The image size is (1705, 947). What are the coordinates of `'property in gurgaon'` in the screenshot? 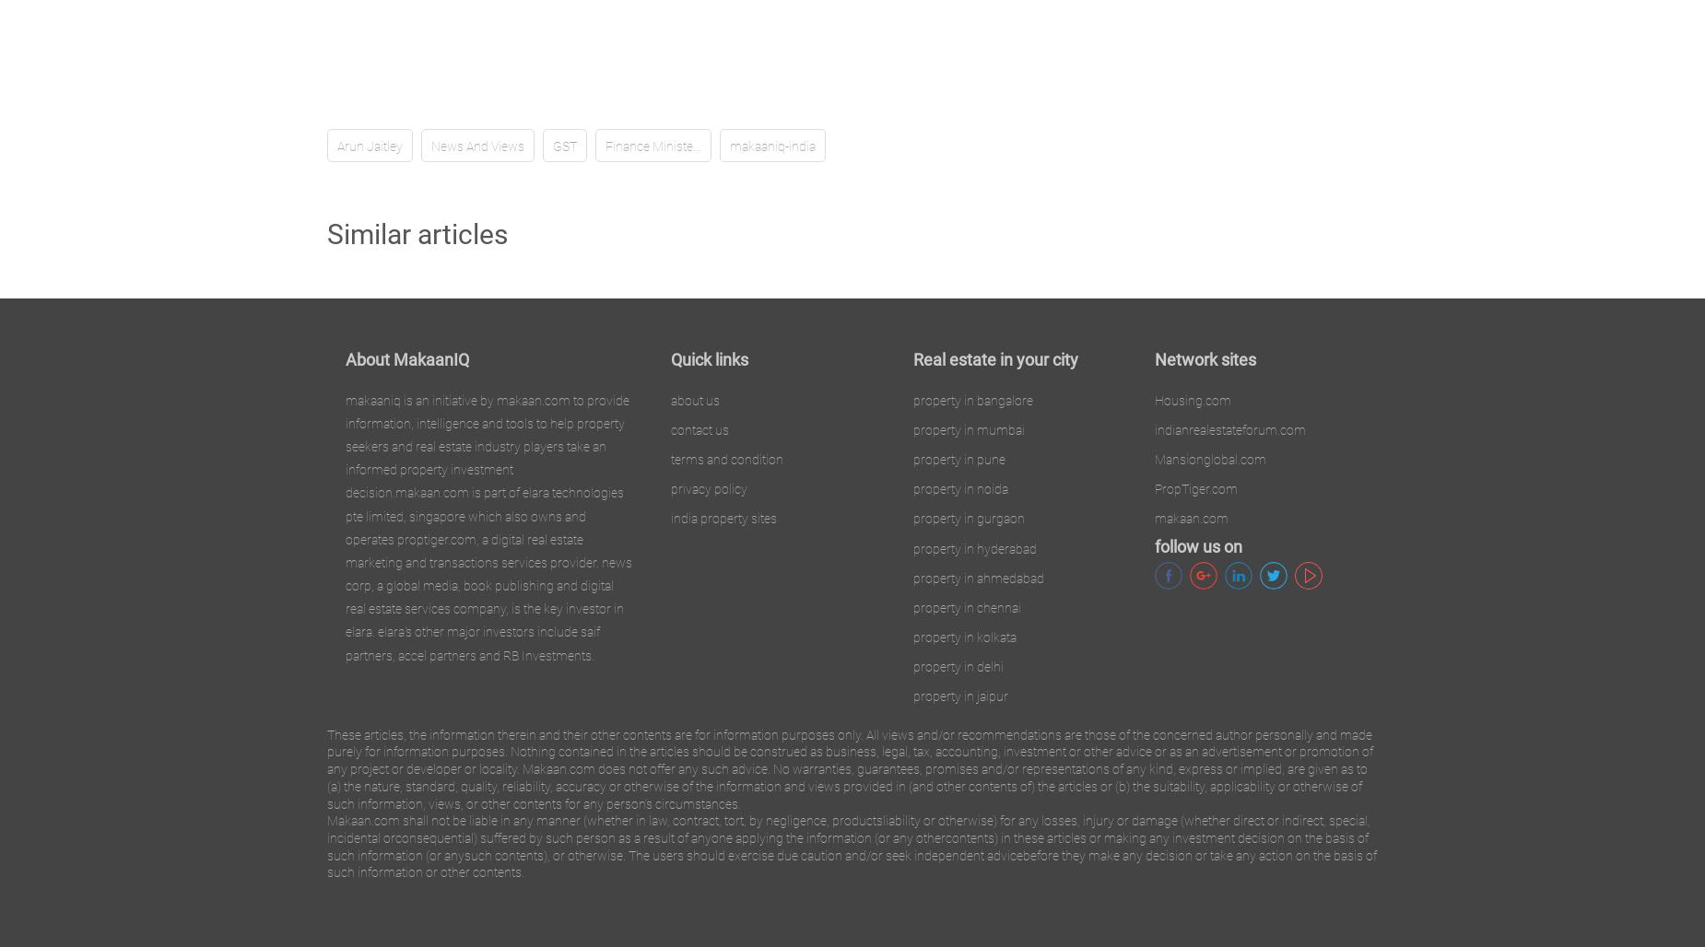 It's located at (967, 519).